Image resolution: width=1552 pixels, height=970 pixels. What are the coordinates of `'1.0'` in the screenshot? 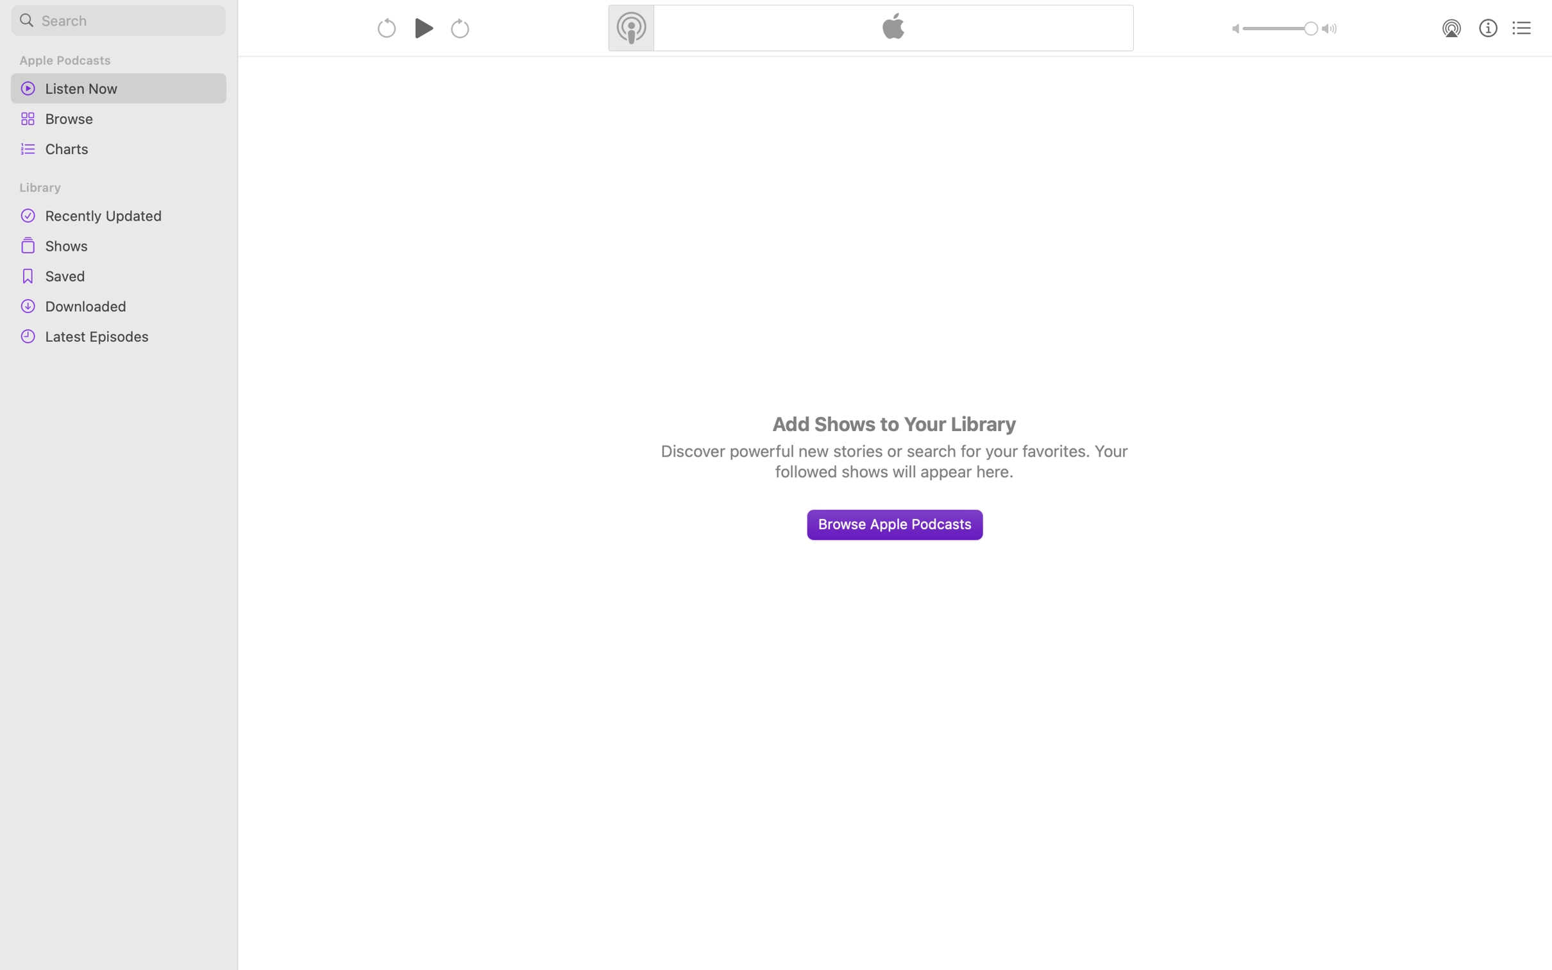 It's located at (1280, 28).